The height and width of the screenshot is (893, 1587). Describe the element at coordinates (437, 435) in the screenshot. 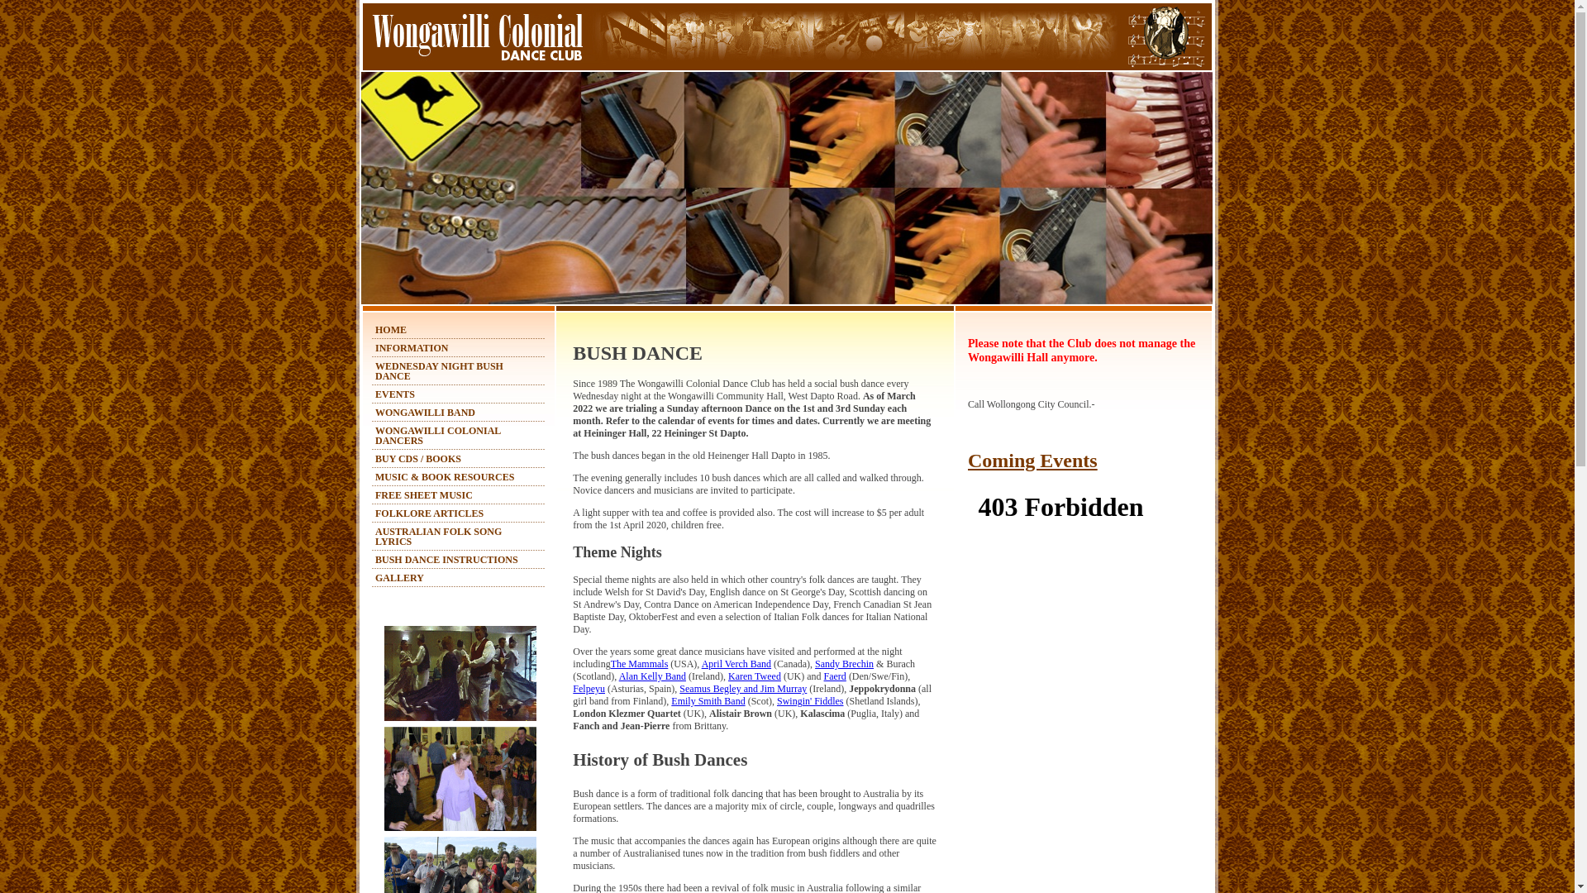

I see `'WONGAWILLI COLONIAL DANCERS'` at that location.